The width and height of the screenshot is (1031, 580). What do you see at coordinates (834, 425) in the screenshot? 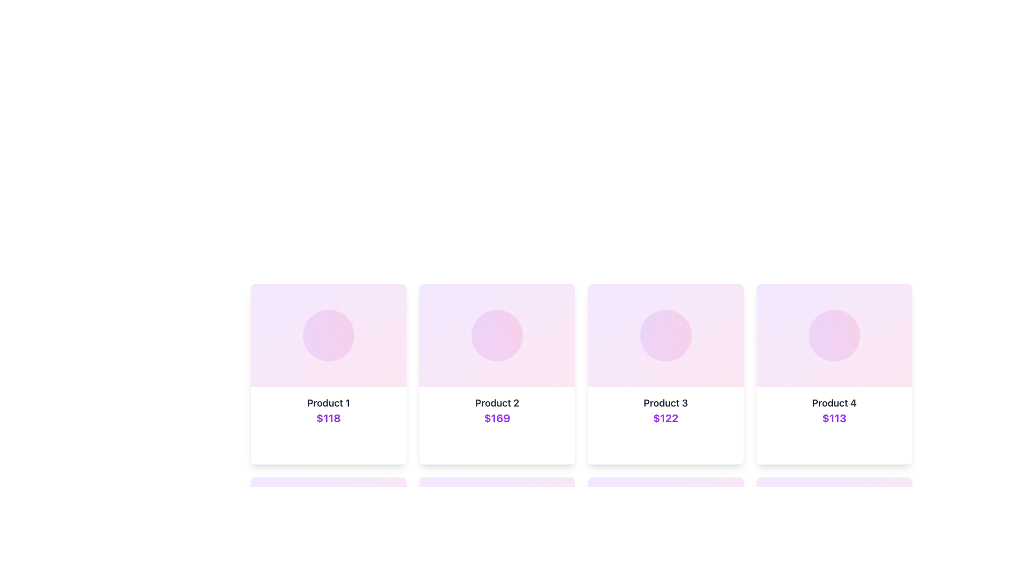
I see `the Product Information Section displaying 'Product 4' priced at $113 to focus on it` at bounding box center [834, 425].